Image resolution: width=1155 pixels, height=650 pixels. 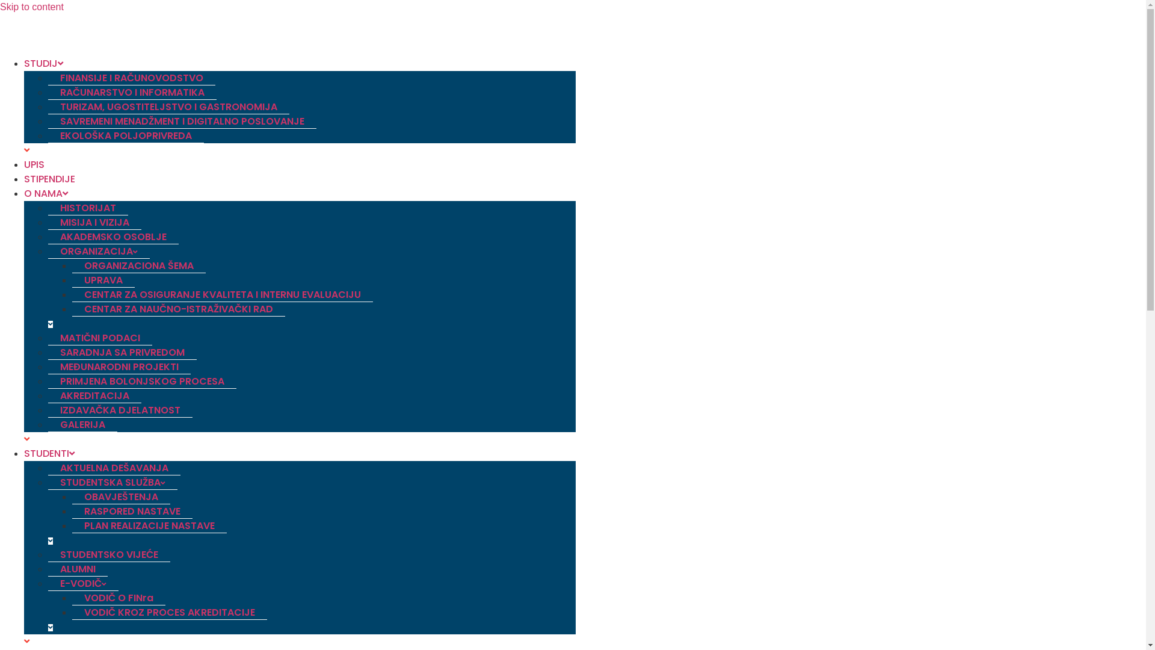 What do you see at coordinates (43, 63) in the screenshot?
I see `'STUDIJ'` at bounding box center [43, 63].